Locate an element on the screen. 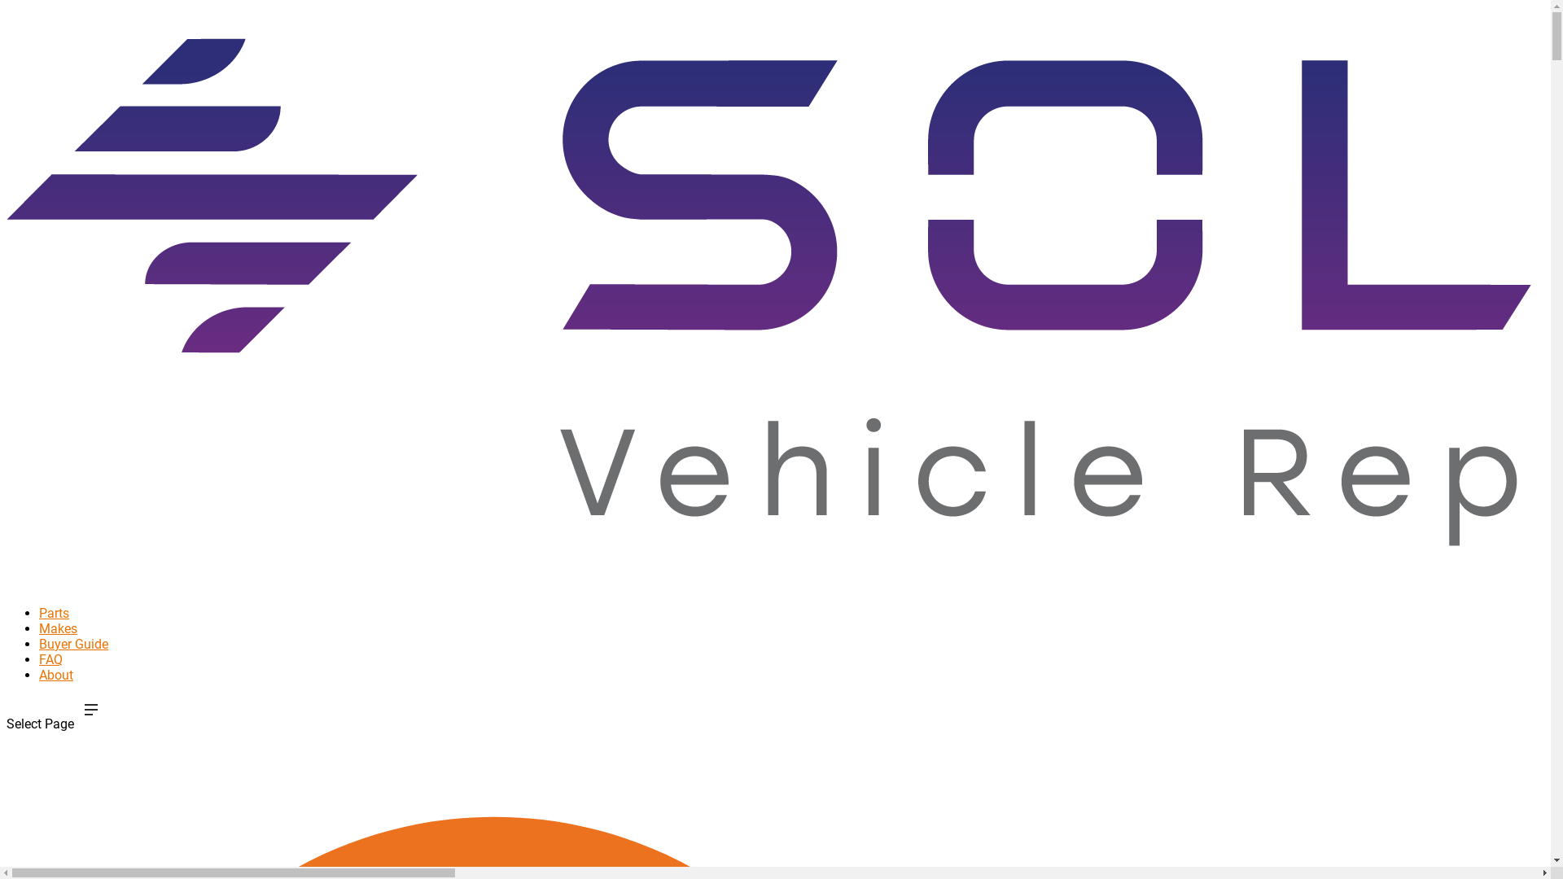 The image size is (1563, 879). 'Makes' is located at coordinates (58, 649).